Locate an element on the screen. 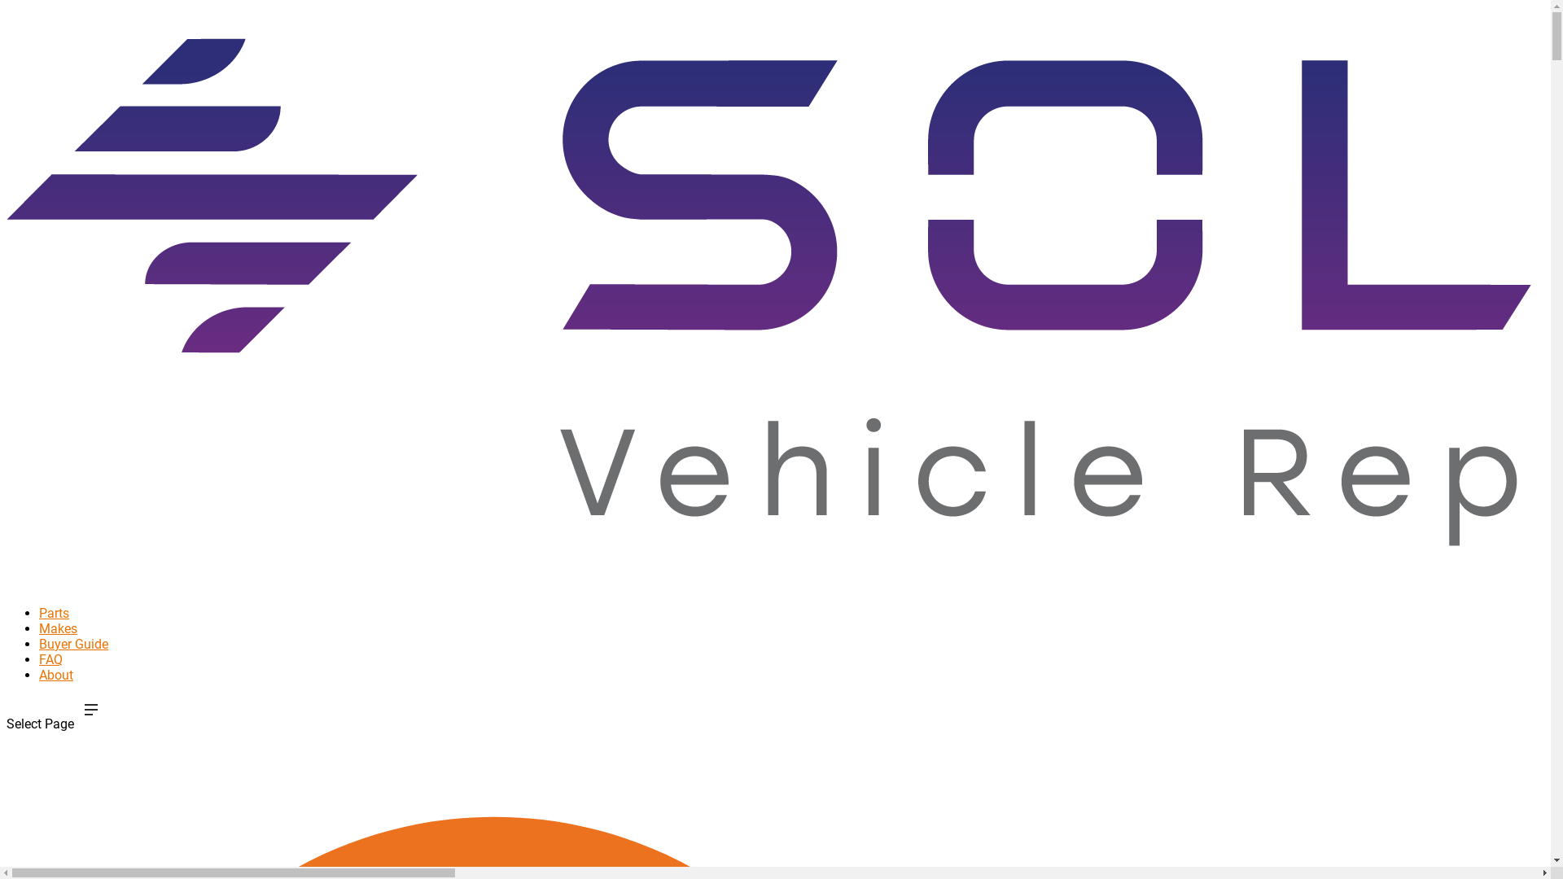 The image size is (1563, 879). 'Makes' is located at coordinates (58, 649).